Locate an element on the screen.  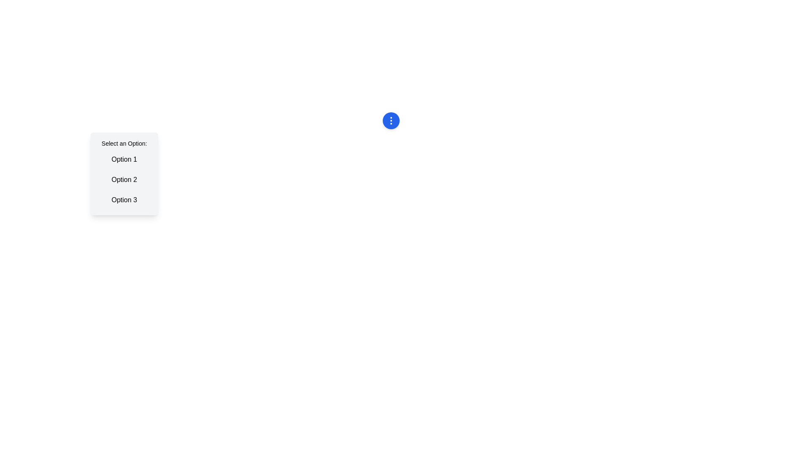
the dropdown menu labeled 'Select an Option:' is located at coordinates (123, 174).